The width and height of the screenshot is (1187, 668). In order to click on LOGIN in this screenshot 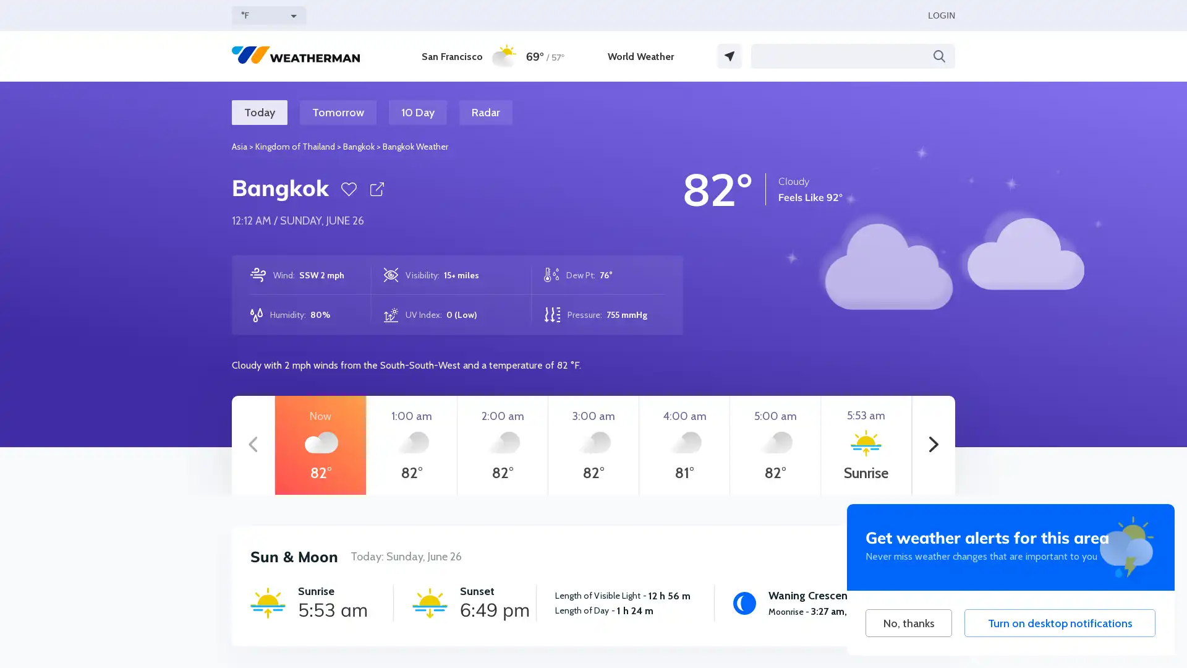, I will do `click(940, 15)`.